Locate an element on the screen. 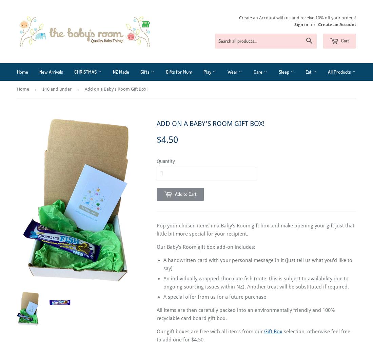 The width and height of the screenshot is (373, 354). '$4.50' is located at coordinates (167, 139).